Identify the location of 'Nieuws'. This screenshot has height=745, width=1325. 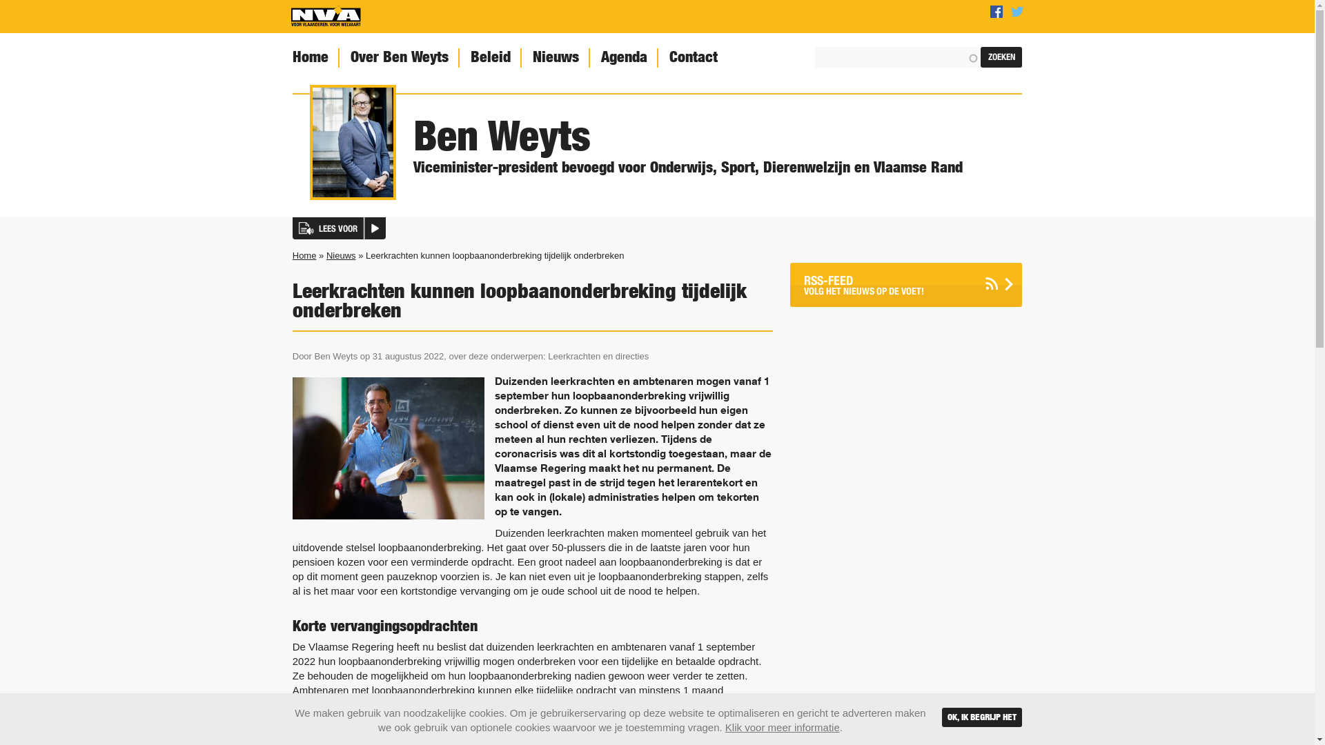
(519, 57).